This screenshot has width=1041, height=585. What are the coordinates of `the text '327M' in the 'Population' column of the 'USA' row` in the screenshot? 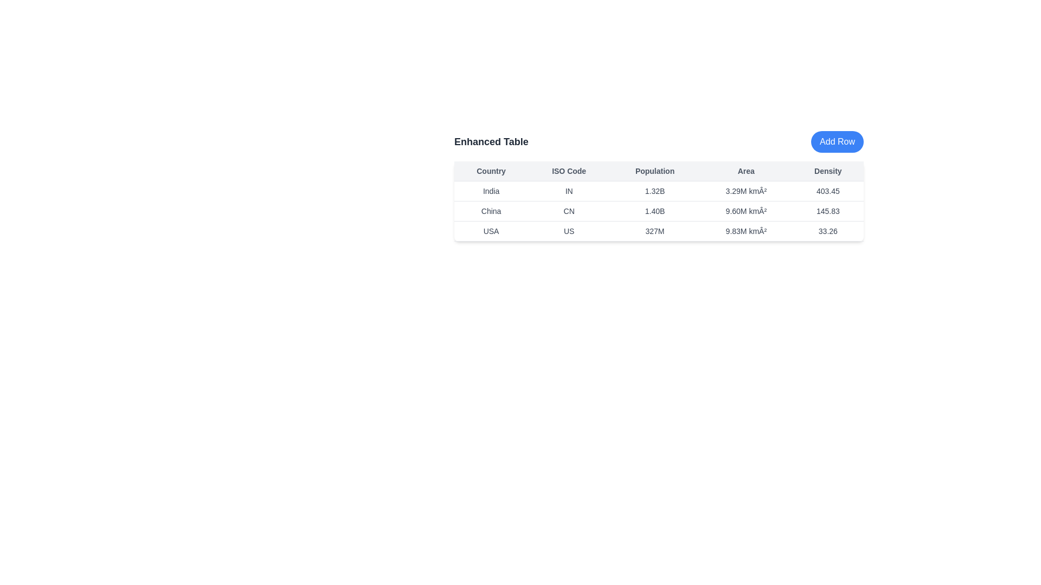 It's located at (654, 231).